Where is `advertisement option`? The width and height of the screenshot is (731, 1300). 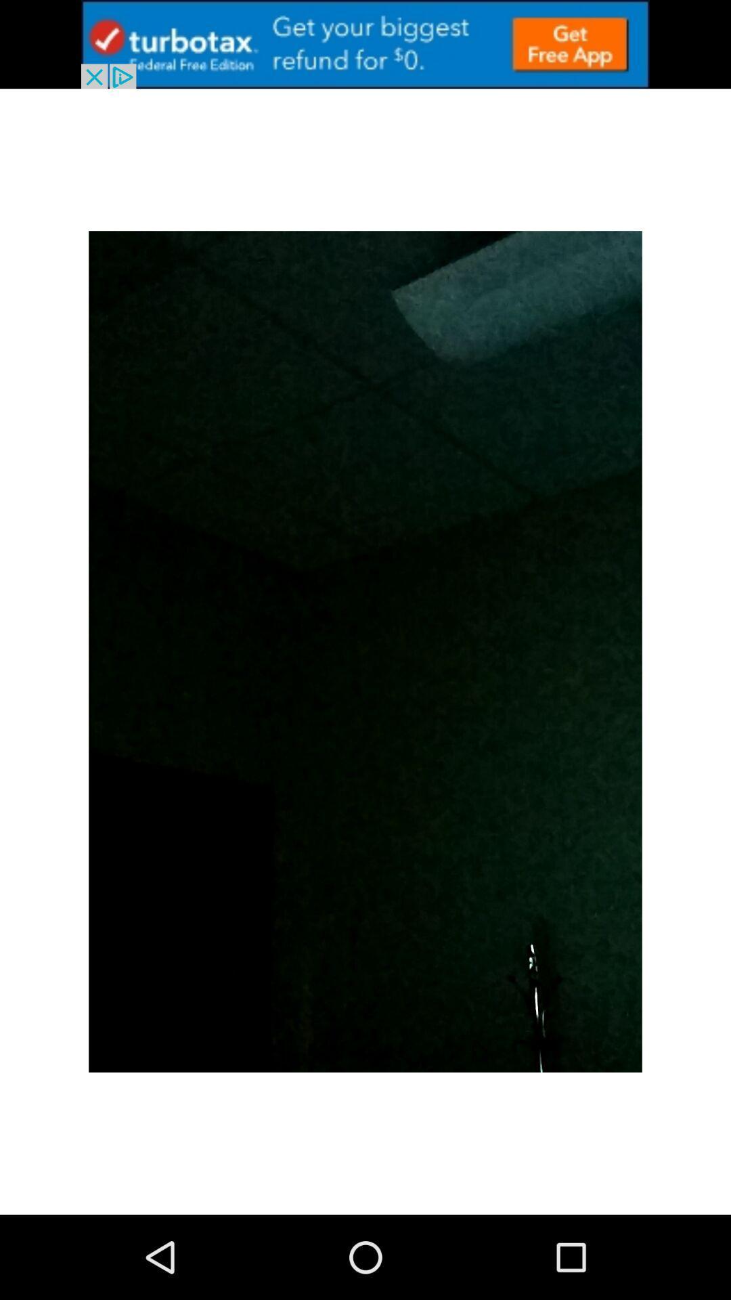 advertisement option is located at coordinates (365, 44).